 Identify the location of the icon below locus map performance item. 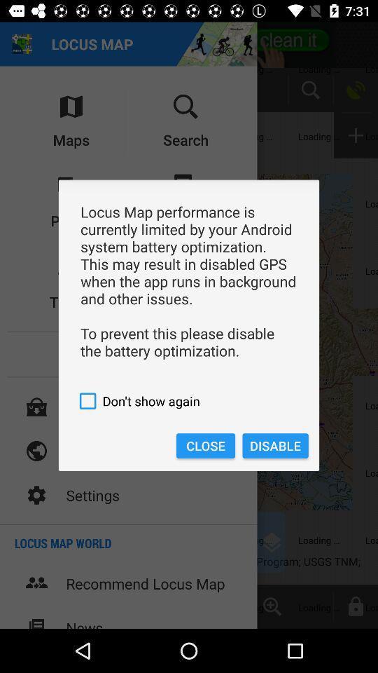
(189, 401).